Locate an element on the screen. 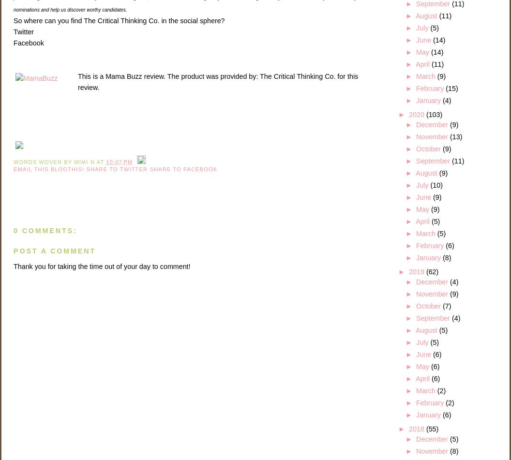 This screenshot has width=511, height=460. '2020' is located at coordinates (417, 114).